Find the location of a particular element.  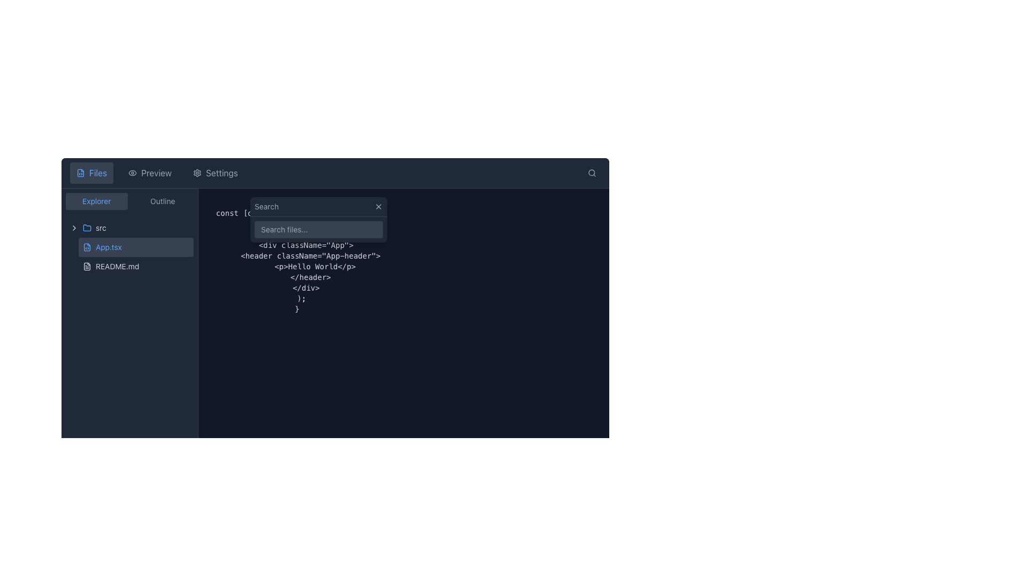

the 'Files' button, which is the first button in a horizontal row with a dark gray background and a blue-tinted label is located at coordinates (91, 173).